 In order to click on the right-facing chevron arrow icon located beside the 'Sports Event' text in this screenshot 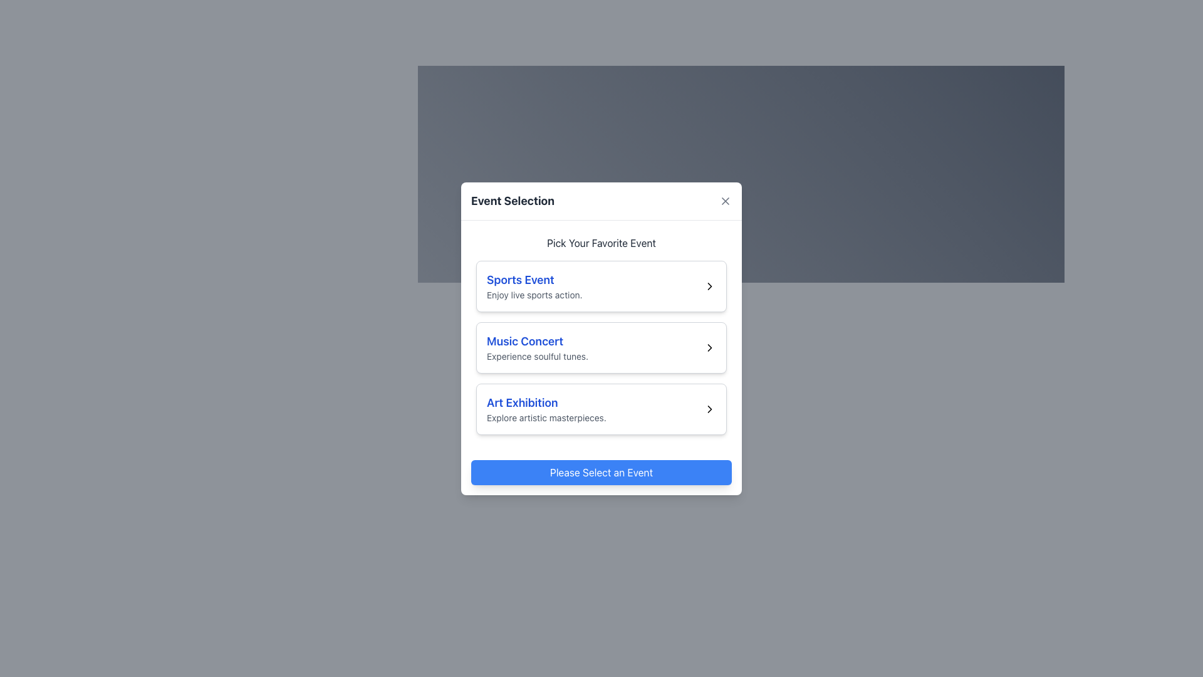, I will do `click(709, 286)`.